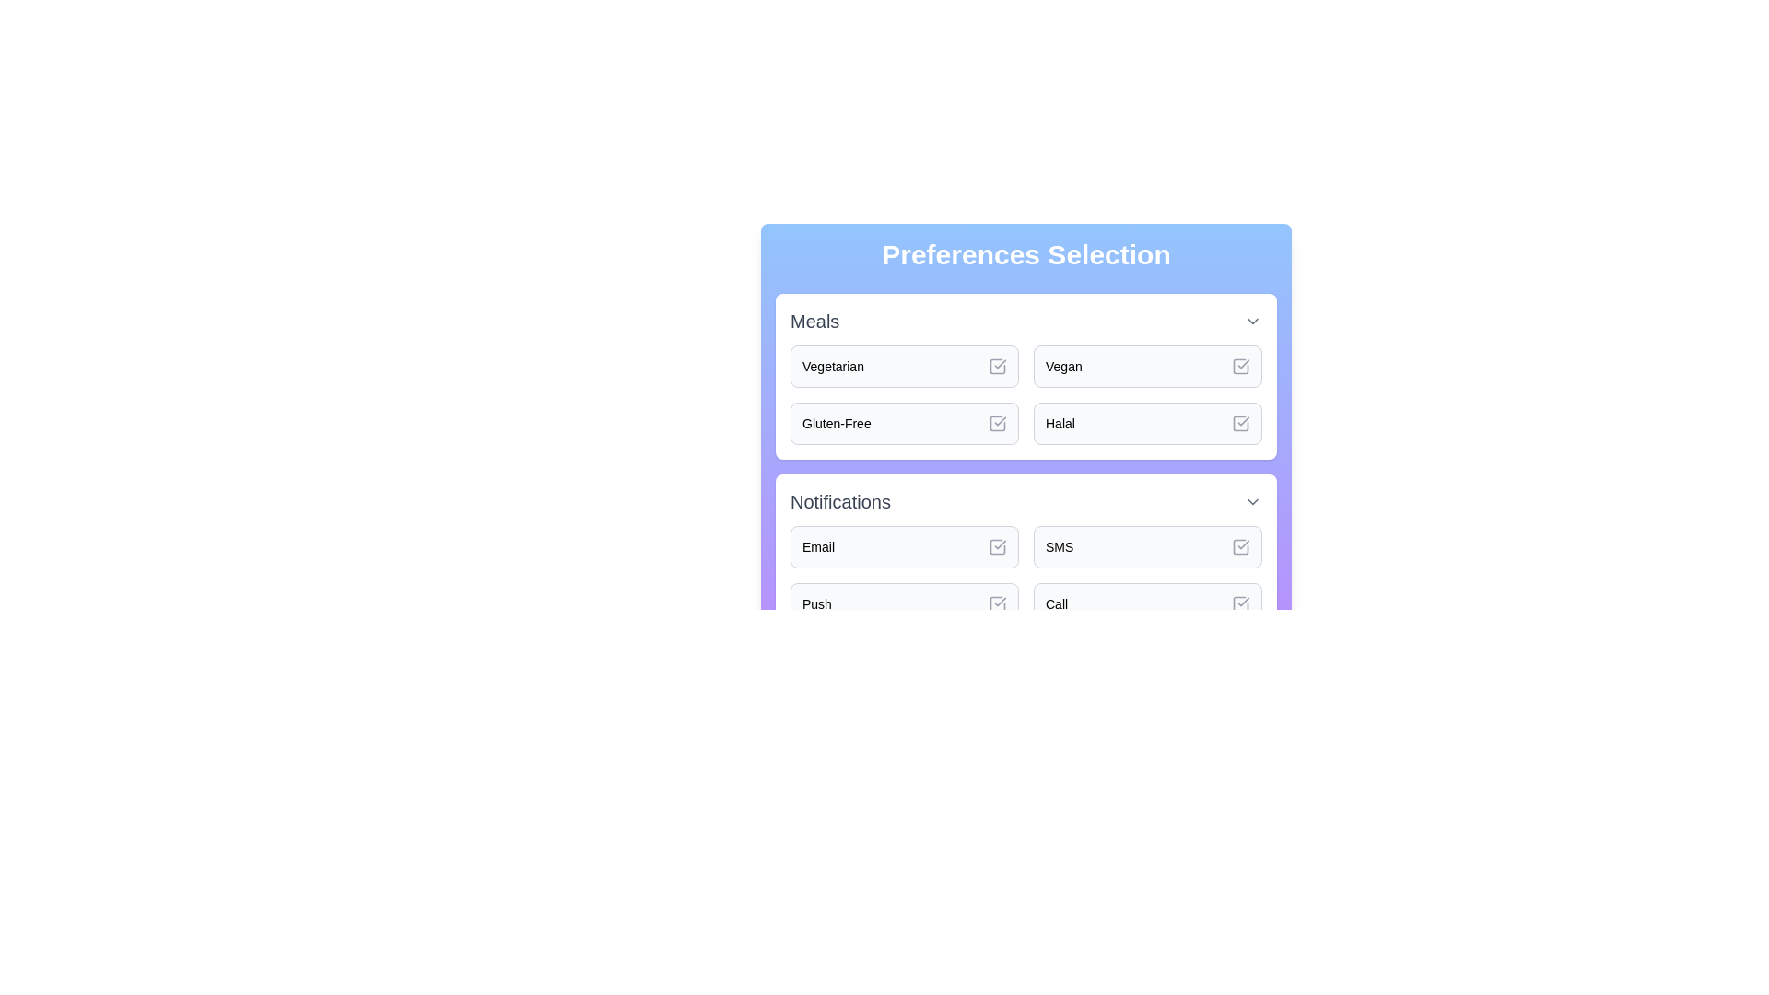 The image size is (1769, 995). What do you see at coordinates (1060, 546) in the screenshot?
I see `the 'SMS' text label in the notification preferences section, which denotes the SMS notification option` at bounding box center [1060, 546].